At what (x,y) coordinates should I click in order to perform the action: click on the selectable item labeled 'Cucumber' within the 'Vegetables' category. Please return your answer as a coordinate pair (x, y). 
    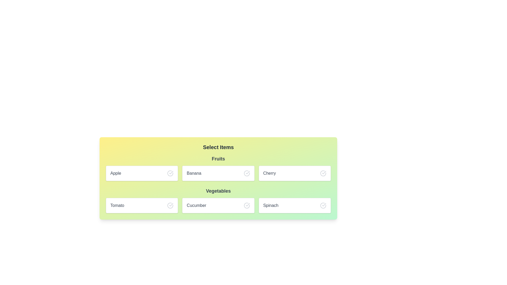
    Looking at the image, I should click on (218, 201).